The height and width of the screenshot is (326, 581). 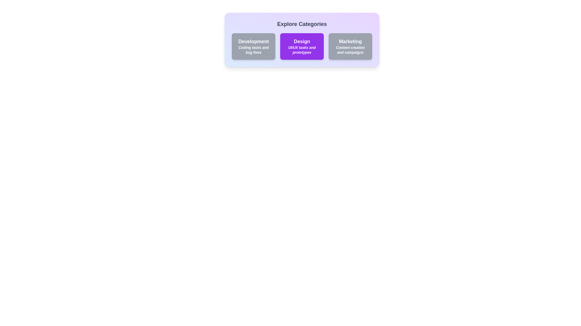 I want to click on the chip labeled Design to observe hover effects, so click(x=302, y=46).